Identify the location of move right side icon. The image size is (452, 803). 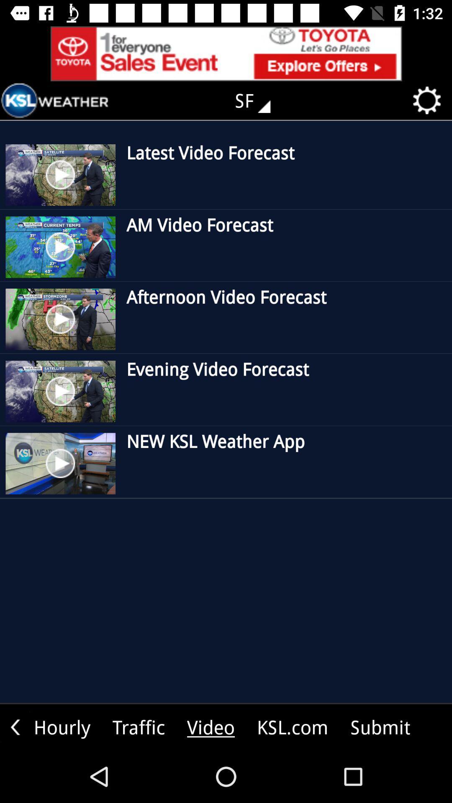
(15, 726).